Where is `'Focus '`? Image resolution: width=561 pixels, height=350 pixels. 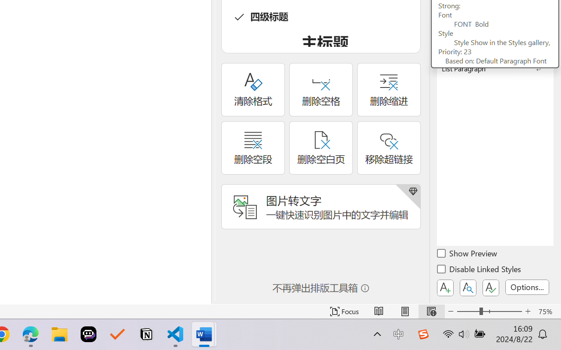 'Focus ' is located at coordinates (344, 311).